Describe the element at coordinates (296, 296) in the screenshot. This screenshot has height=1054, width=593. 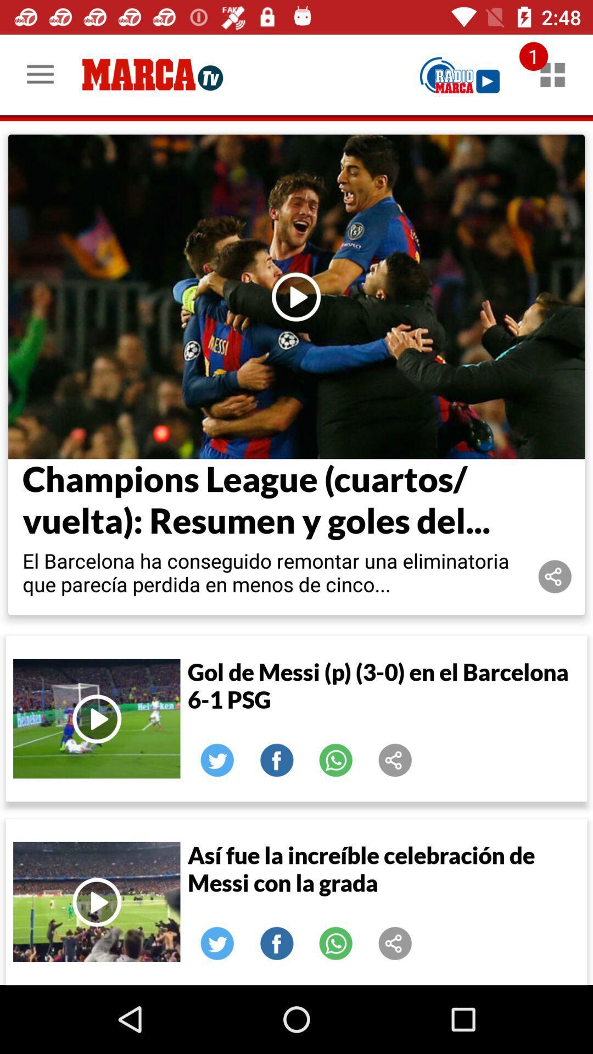
I see `load selected article` at that location.